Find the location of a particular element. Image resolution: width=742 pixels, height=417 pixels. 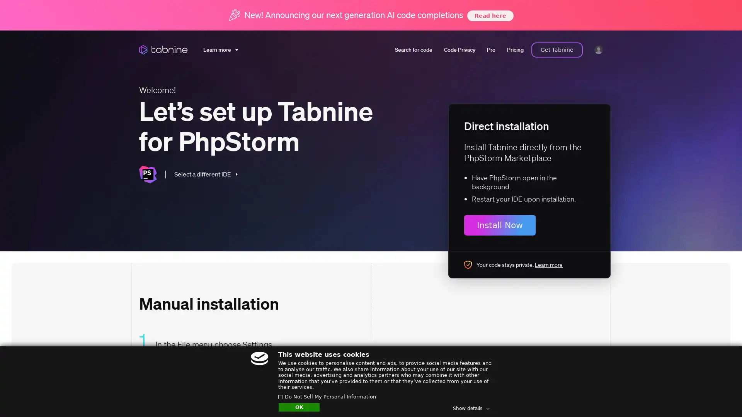

Dismiss Message is located at coordinates (701, 387).